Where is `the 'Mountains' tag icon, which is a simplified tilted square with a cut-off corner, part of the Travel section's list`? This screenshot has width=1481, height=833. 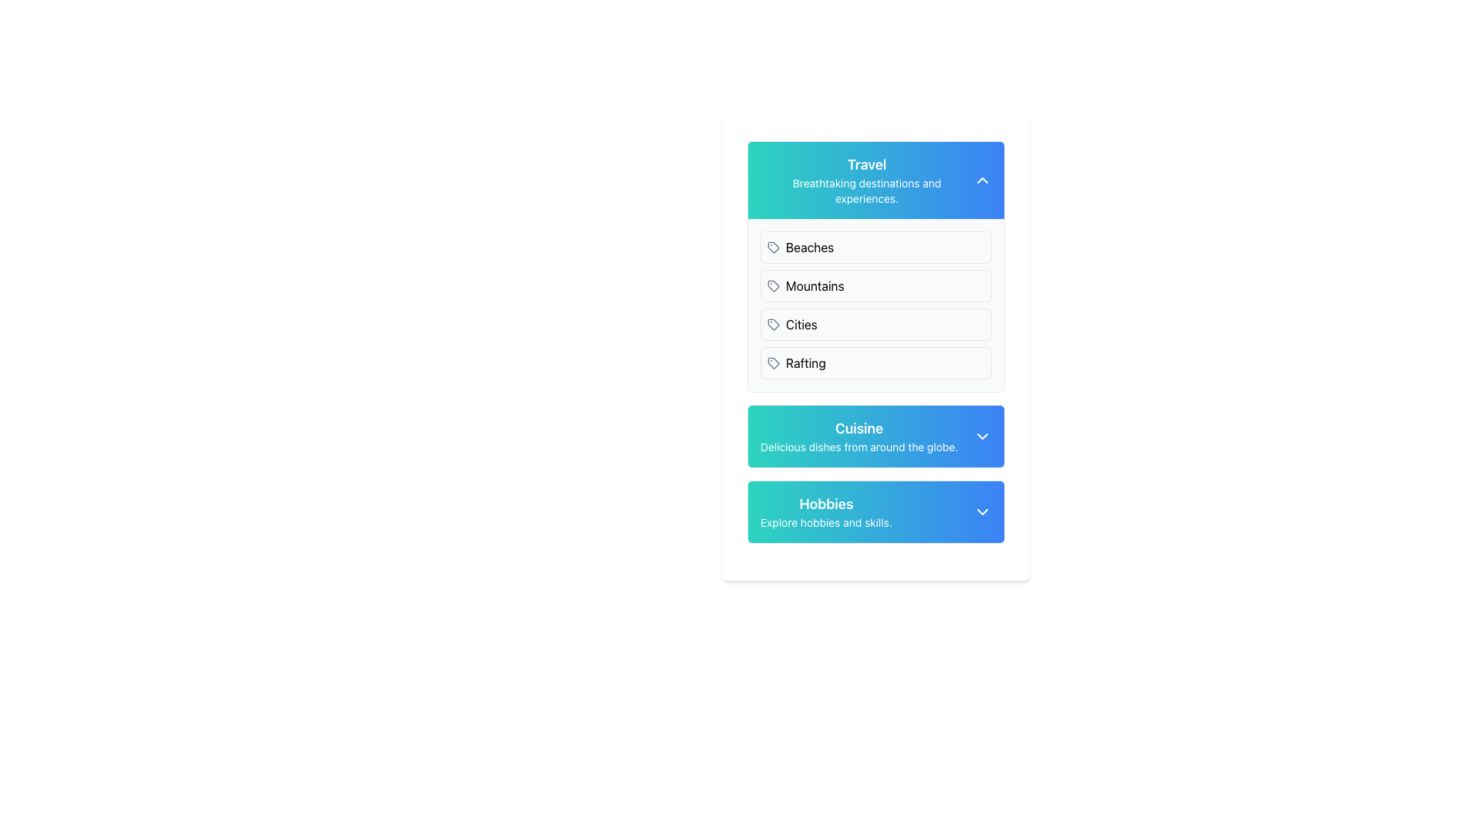
the 'Mountains' tag icon, which is a simplified tilted square with a cut-off corner, part of the Travel section's list is located at coordinates (774, 285).